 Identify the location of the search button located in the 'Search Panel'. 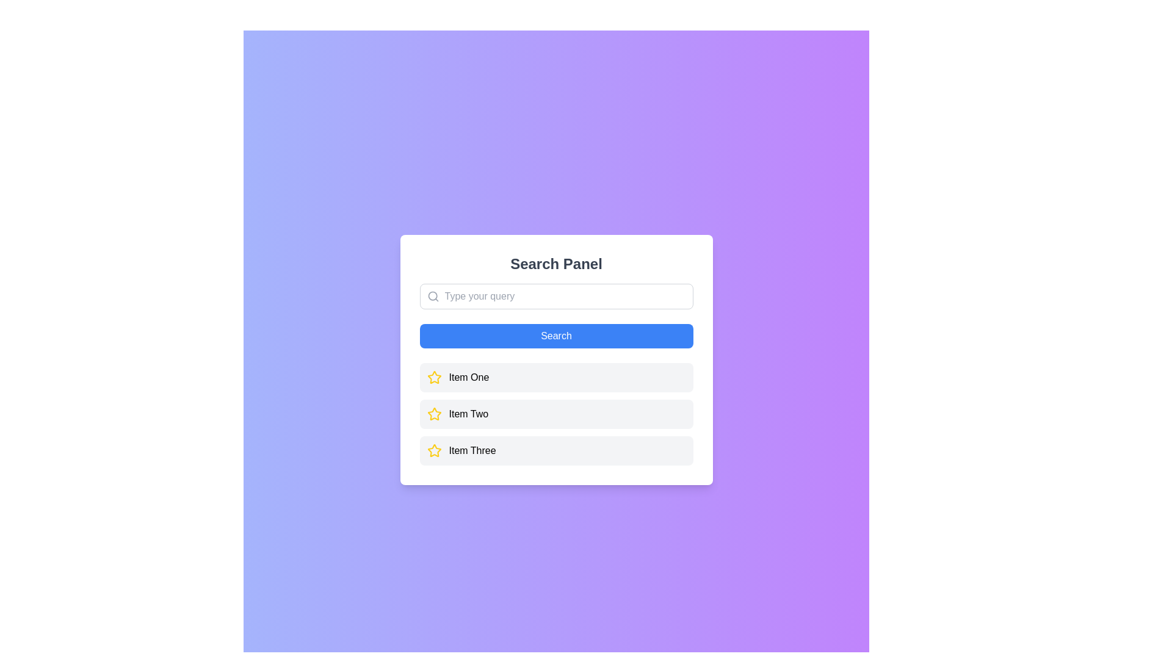
(555, 336).